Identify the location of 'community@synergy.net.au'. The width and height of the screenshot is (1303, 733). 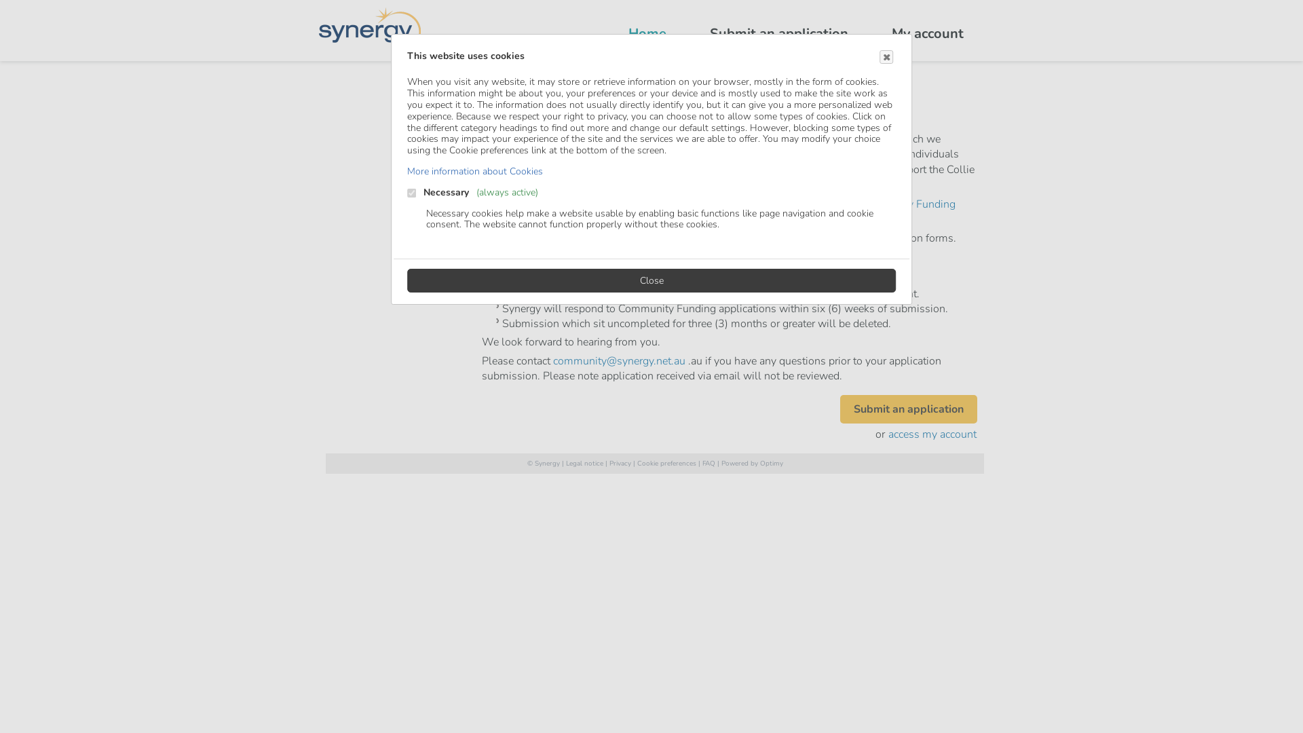
(618, 360).